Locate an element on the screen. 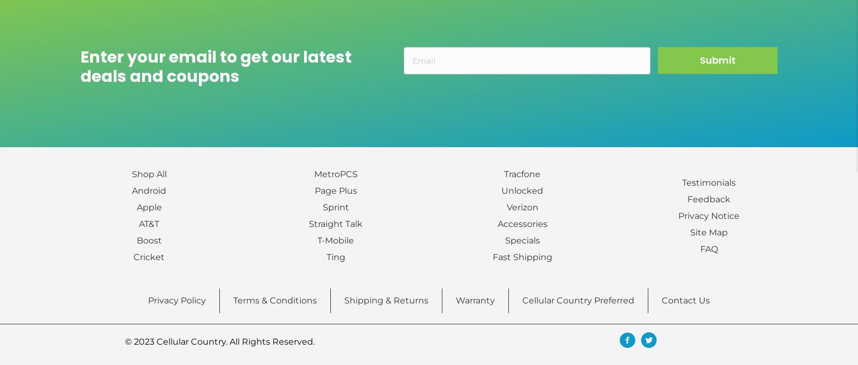  'Terms & Conditions' is located at coordinates (274, 300).